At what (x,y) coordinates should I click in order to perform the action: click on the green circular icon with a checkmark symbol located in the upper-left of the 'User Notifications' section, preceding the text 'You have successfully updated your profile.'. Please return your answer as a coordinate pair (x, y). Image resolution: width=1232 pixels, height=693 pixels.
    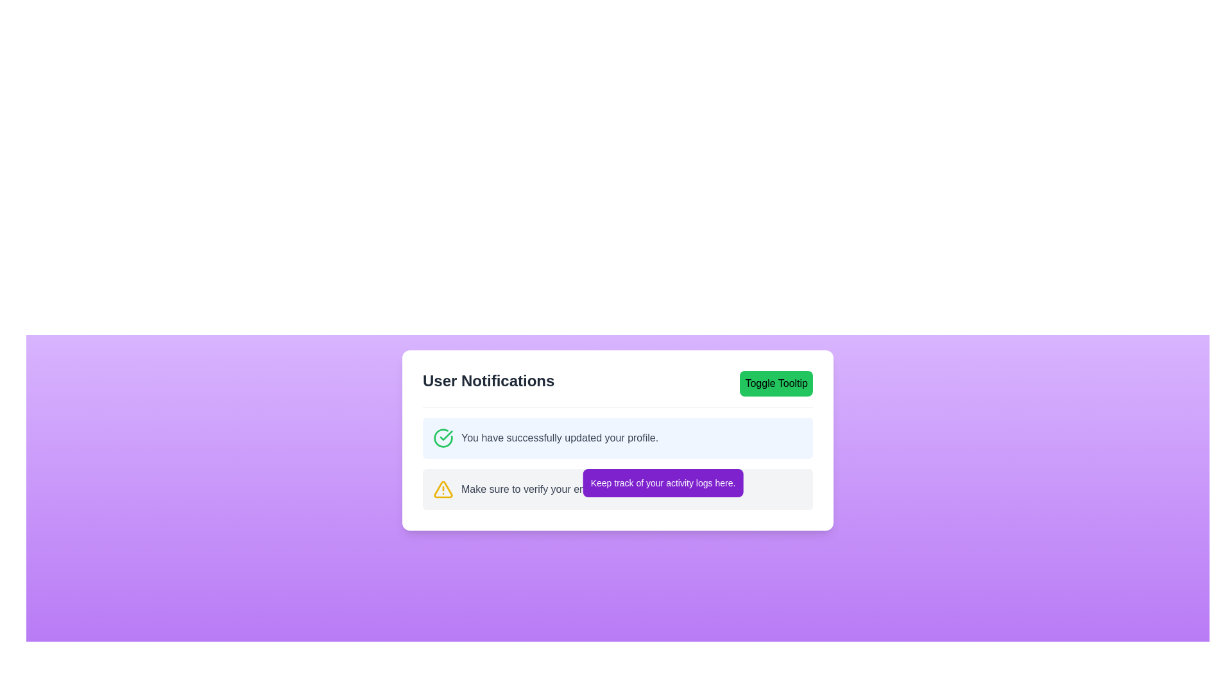
    Looking at the image, I should click on (443, 437).